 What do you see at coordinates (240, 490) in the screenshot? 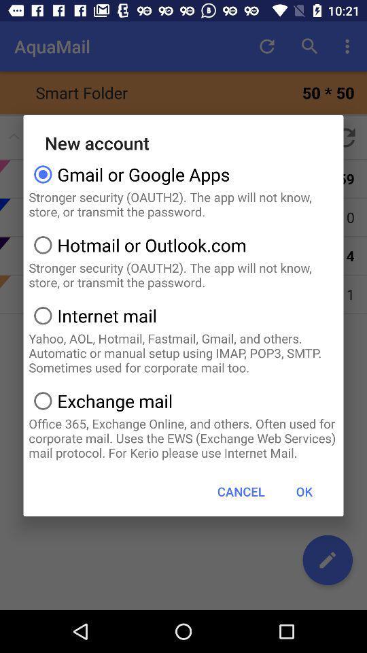
I see `the cancel button` at bounding box center [240, 490].